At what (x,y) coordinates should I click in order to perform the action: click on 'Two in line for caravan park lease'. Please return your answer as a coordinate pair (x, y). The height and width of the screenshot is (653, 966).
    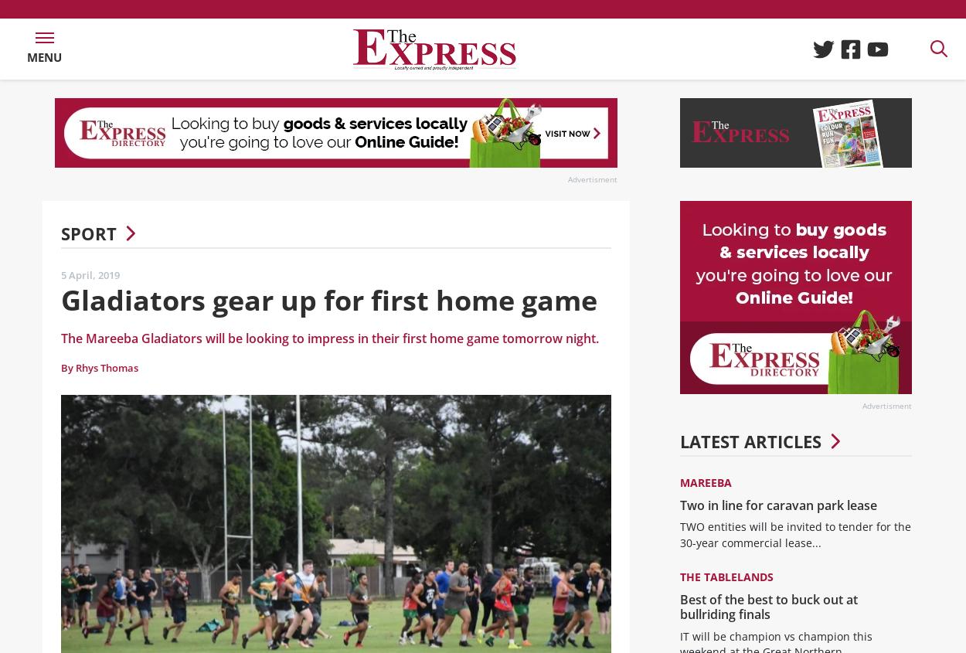
    Looking at the image, I should click on (778, 516).